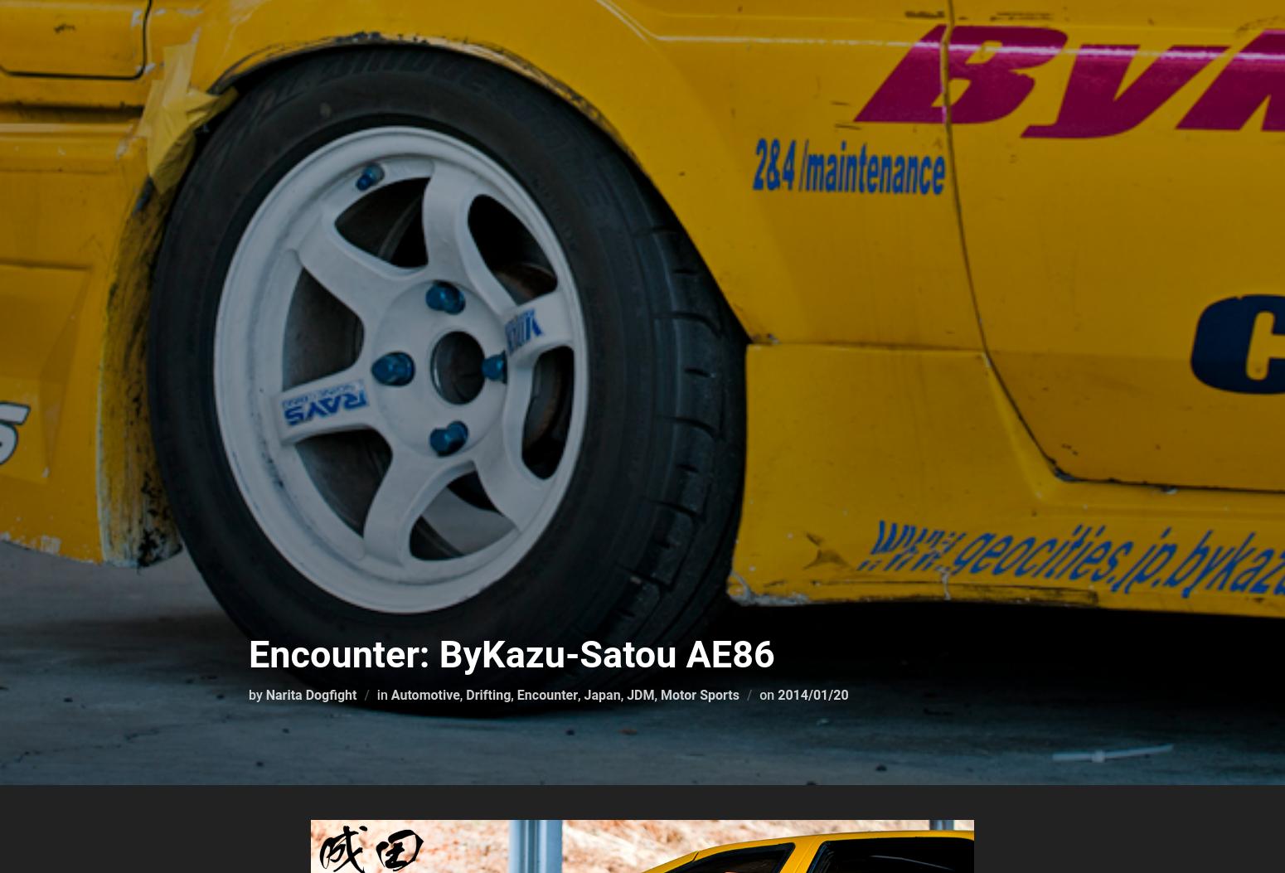  Describe the element at coordinates (626, 694) in the screenshot. I see `'JDM'` at that location.